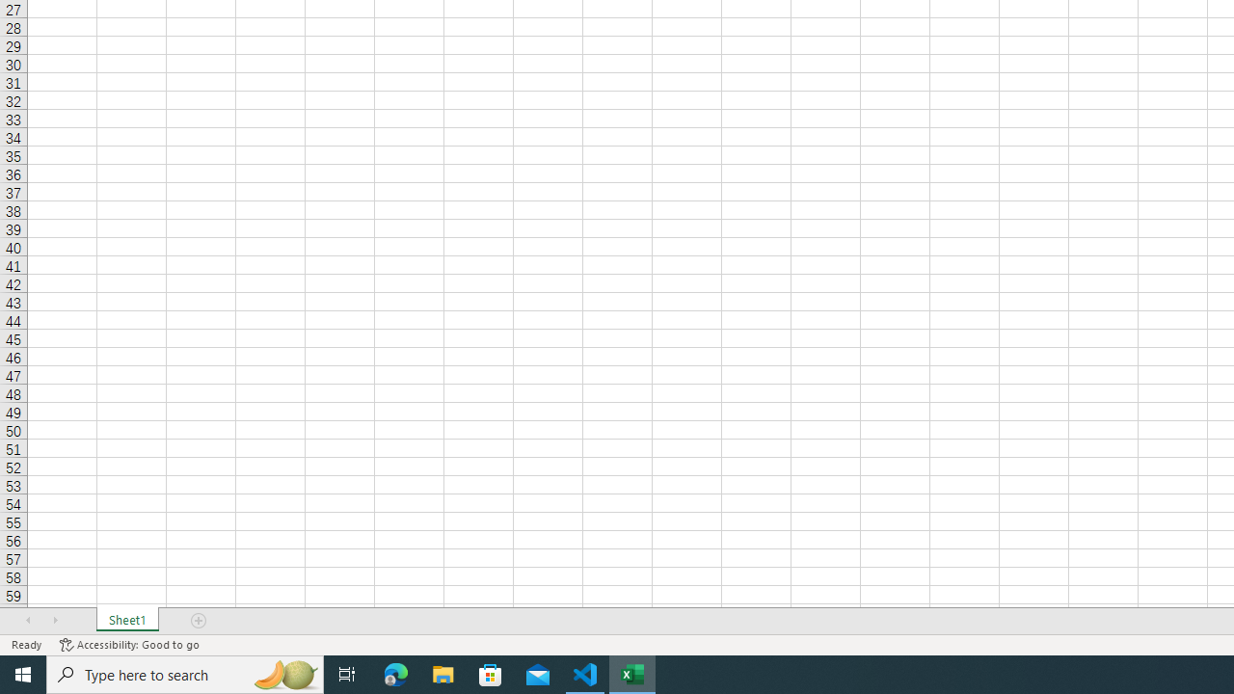  Describe the element at coordinates (55, 621) in the screenshot. I see `'Scroll Right'` at that location.